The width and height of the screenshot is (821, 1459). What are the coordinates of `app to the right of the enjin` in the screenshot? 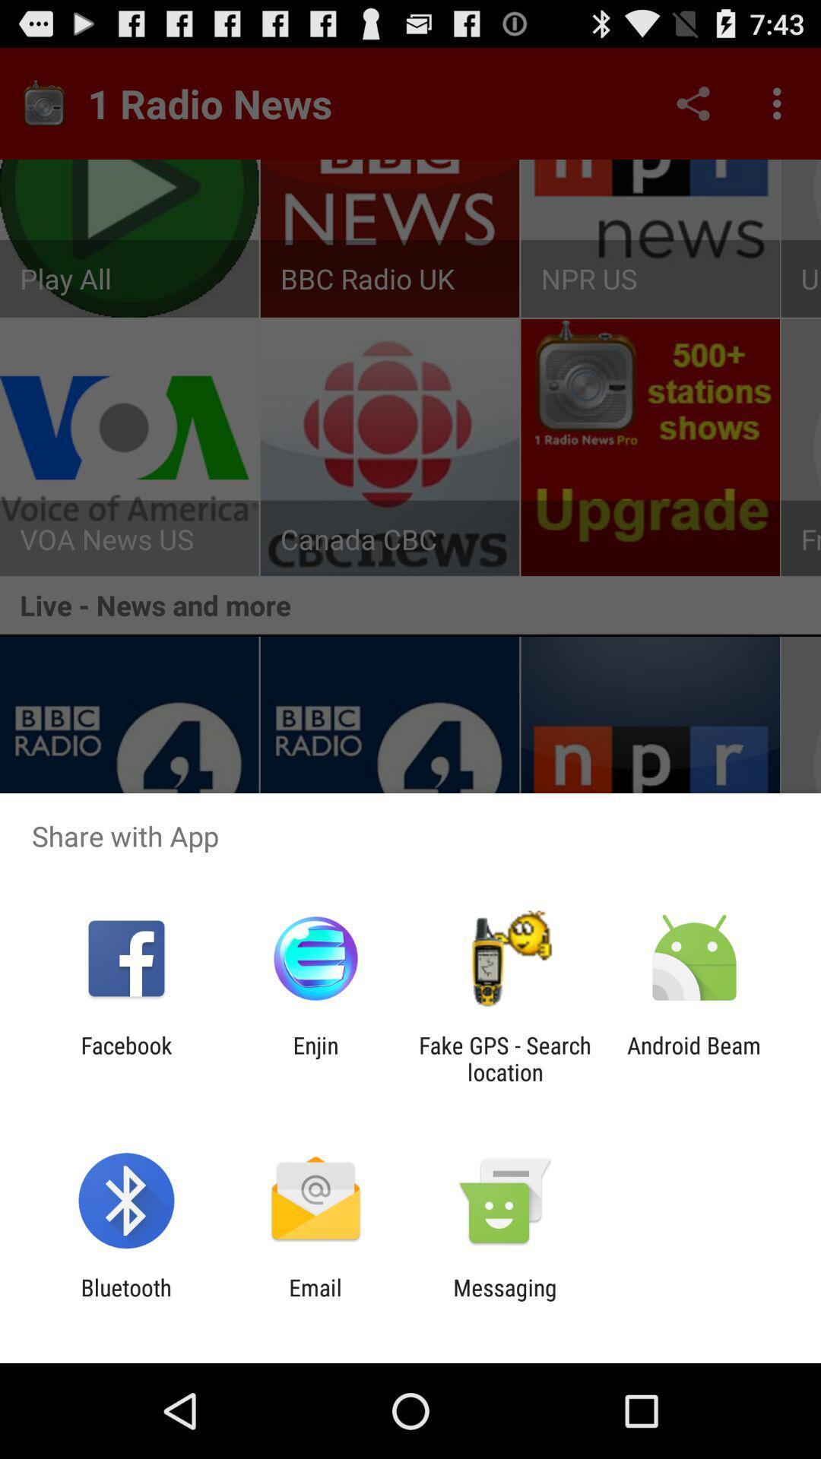 It's located at (505, 1058).